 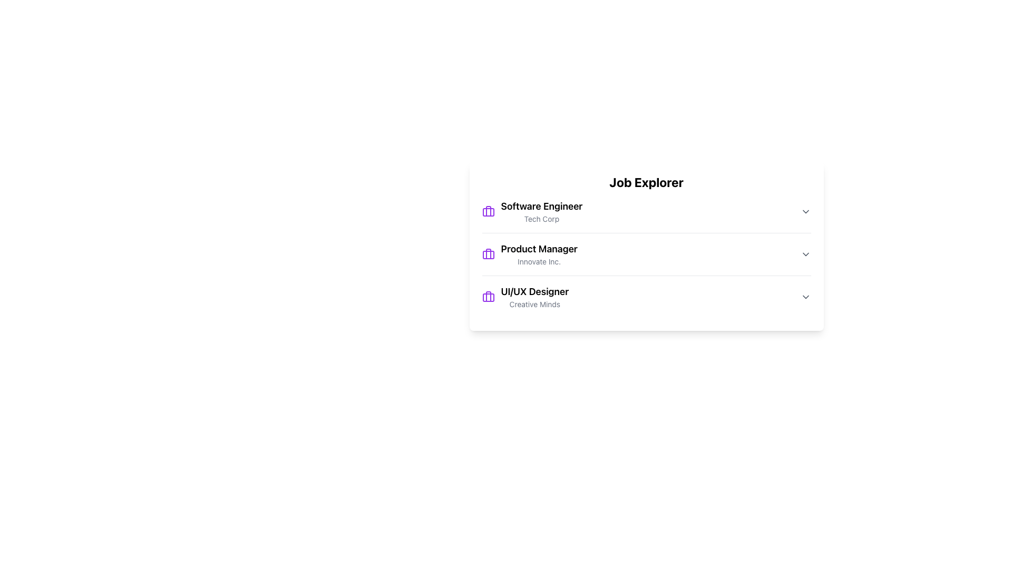 I want to click on job title from the text label located in the 'Job Explorer' section of the first listing, which is aligned left of the 'Tech Corp' subtitle and next to a briefcase icon, so click(x=541, y=207).